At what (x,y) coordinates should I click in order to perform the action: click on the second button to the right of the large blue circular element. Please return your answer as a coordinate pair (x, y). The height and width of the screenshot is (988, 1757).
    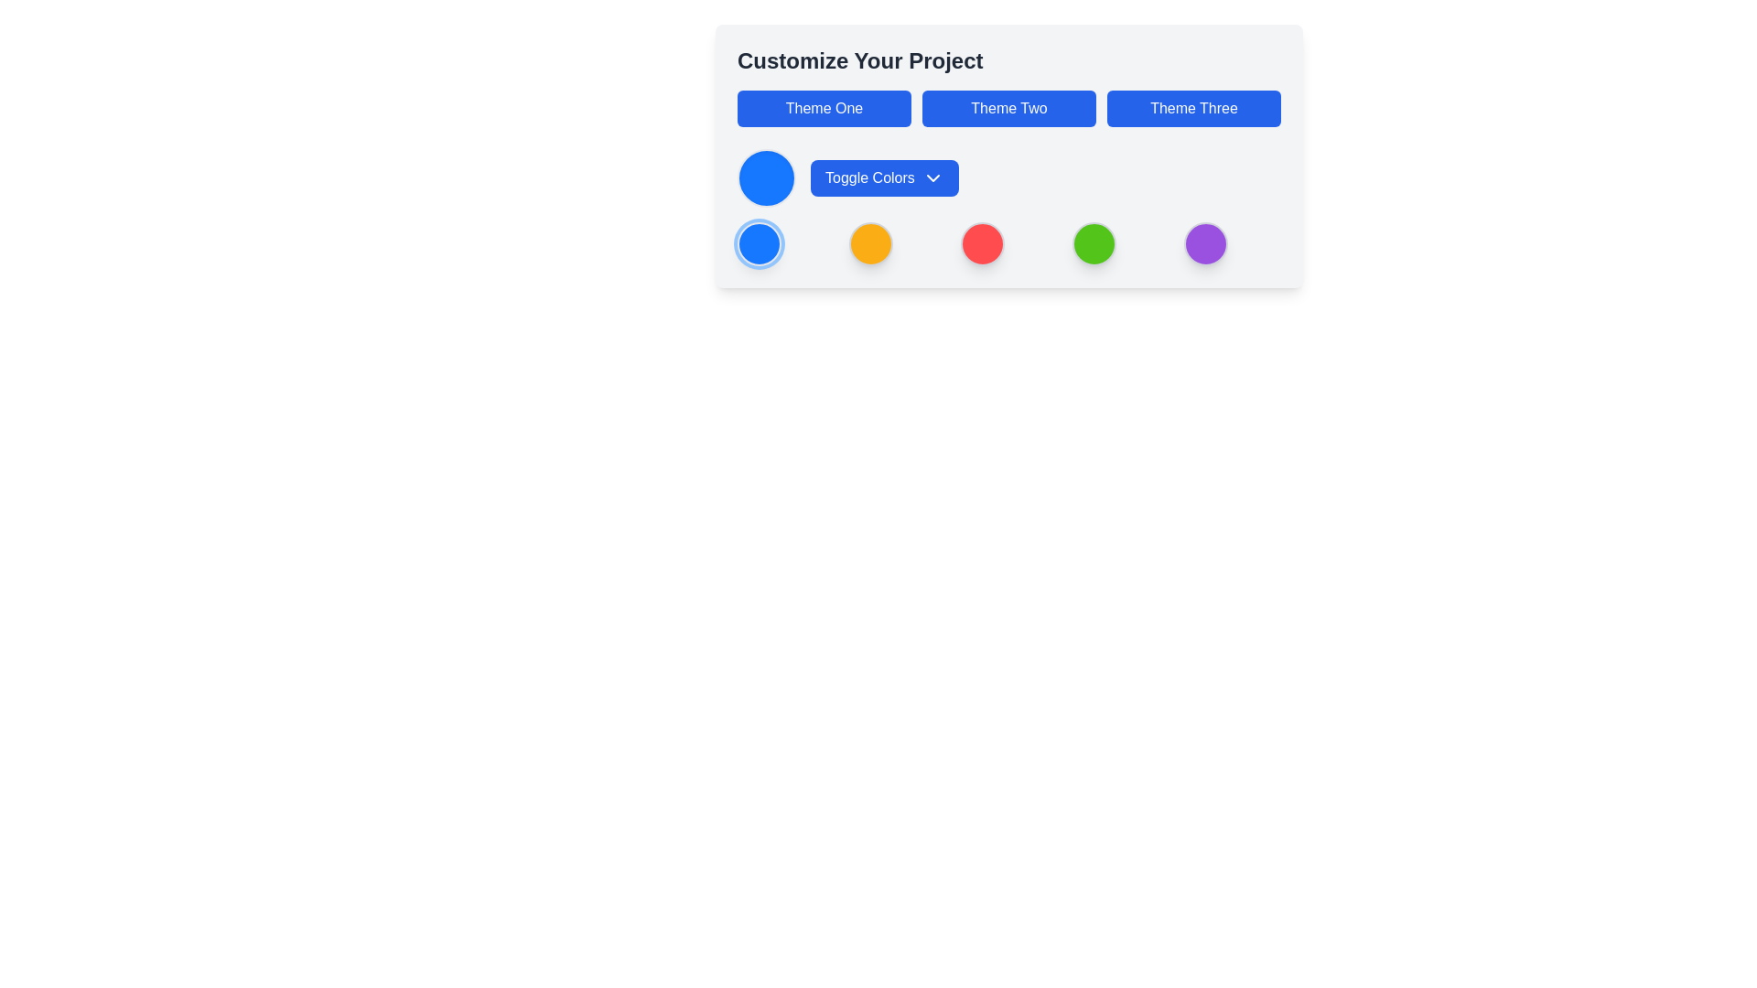
    Looking at the image, I should click on (885, 177).